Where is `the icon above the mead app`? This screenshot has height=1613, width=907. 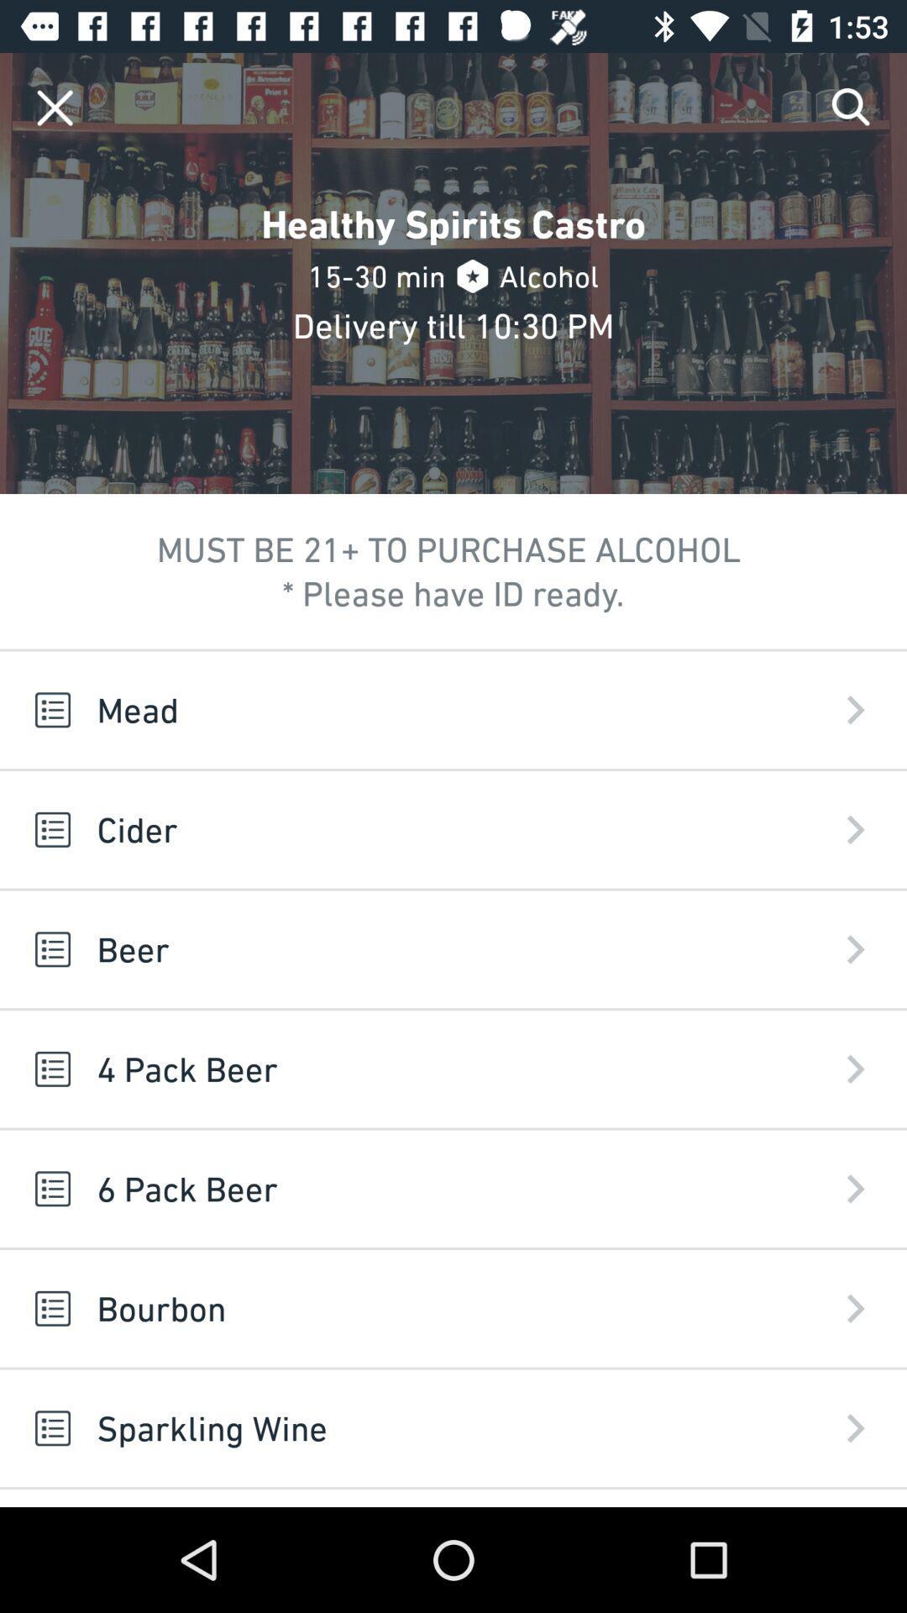 the icon above the mead app is located at coordinates (852, 107).